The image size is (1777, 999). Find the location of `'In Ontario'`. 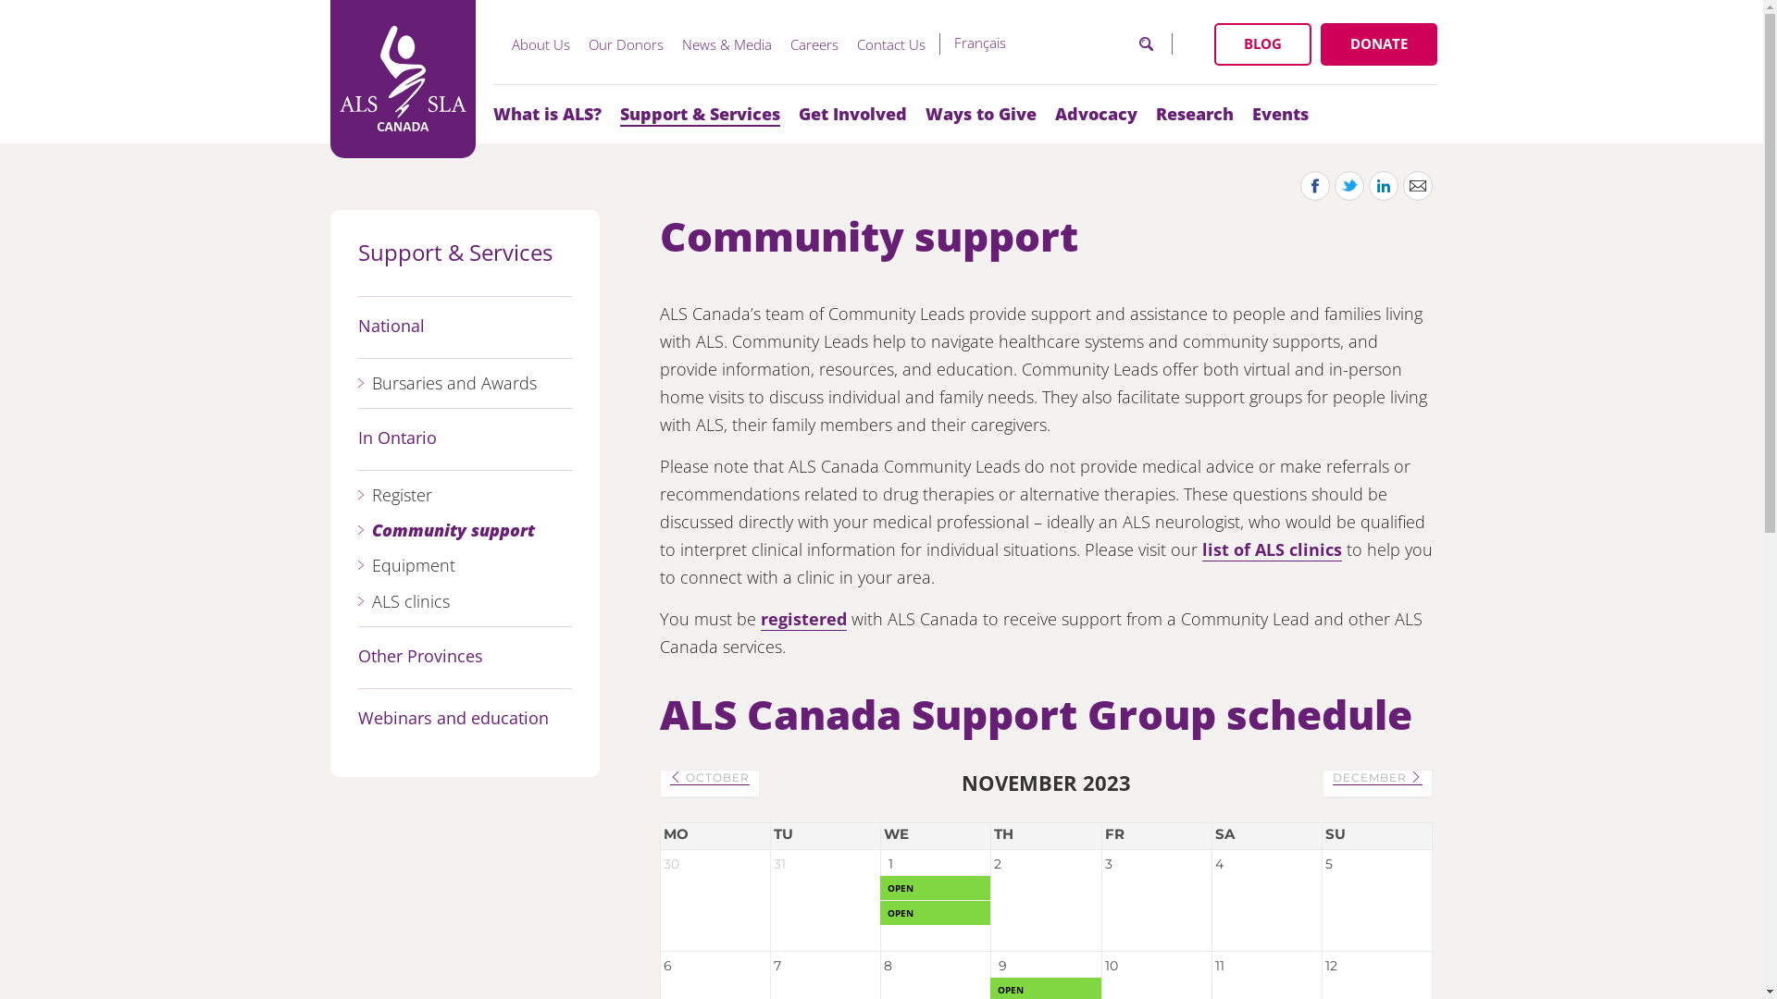

'In Ontario' is located at coordinates (396, 438).